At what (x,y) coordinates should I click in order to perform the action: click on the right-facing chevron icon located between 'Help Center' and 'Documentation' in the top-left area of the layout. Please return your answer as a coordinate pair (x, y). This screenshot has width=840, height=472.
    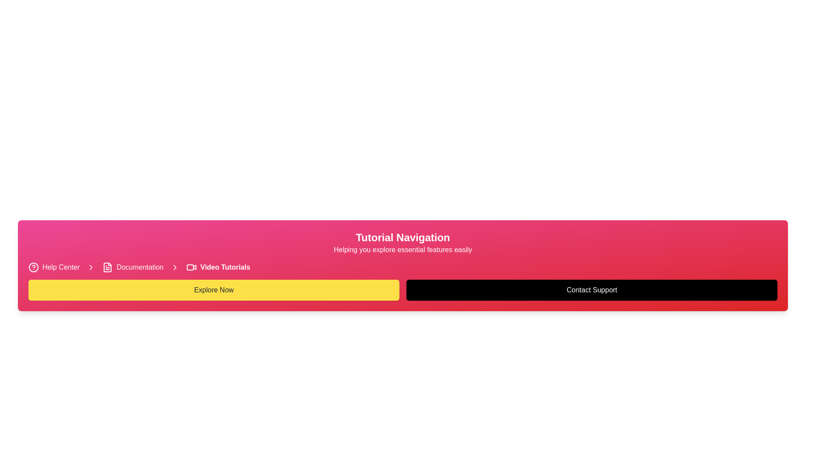
    Looking at the image, I should click on (175, 267).